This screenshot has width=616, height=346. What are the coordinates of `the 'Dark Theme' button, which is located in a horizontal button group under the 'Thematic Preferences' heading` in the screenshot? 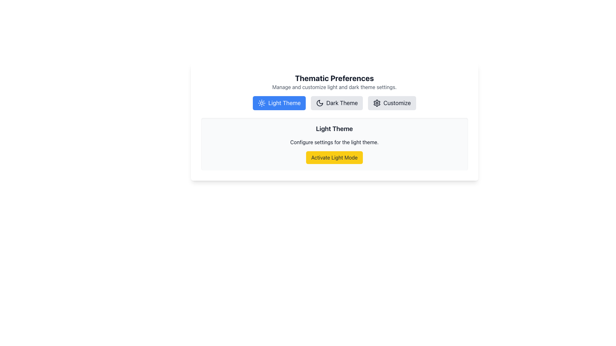 It's located at (334, 103).